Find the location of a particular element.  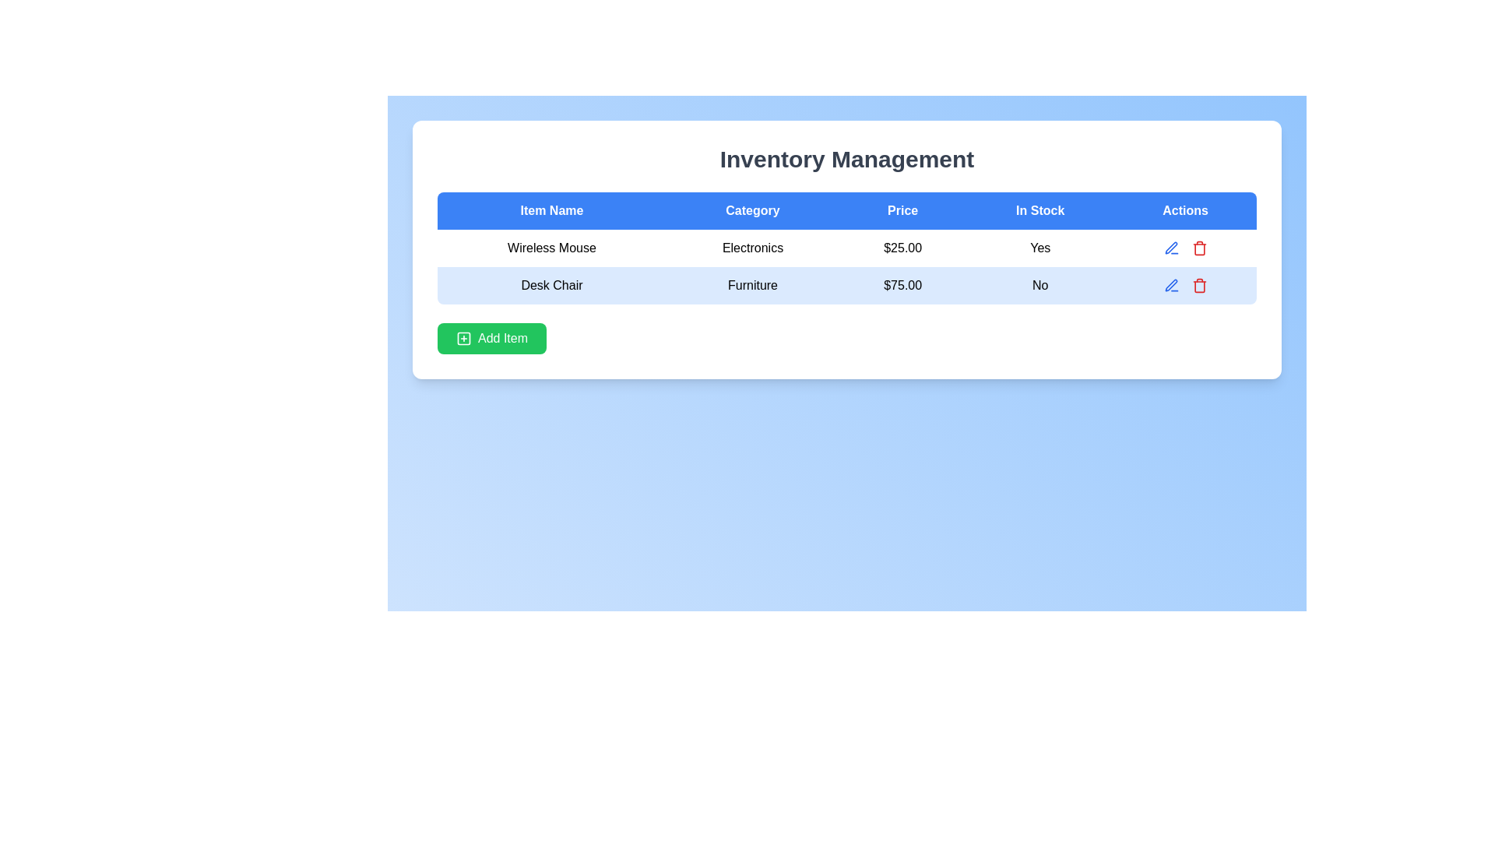

the static text label indicating the stock status of the 'Wireless Mouse', located in the fourth column of the first row under the 'Inventory Management' section, to the right of the '$25.00' text is located at coordinates (1040, 248).